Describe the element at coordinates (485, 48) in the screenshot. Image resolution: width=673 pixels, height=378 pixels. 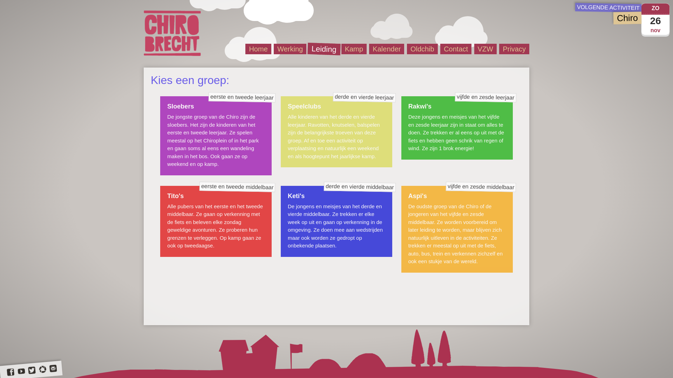
I see `'VZW'` at that location.